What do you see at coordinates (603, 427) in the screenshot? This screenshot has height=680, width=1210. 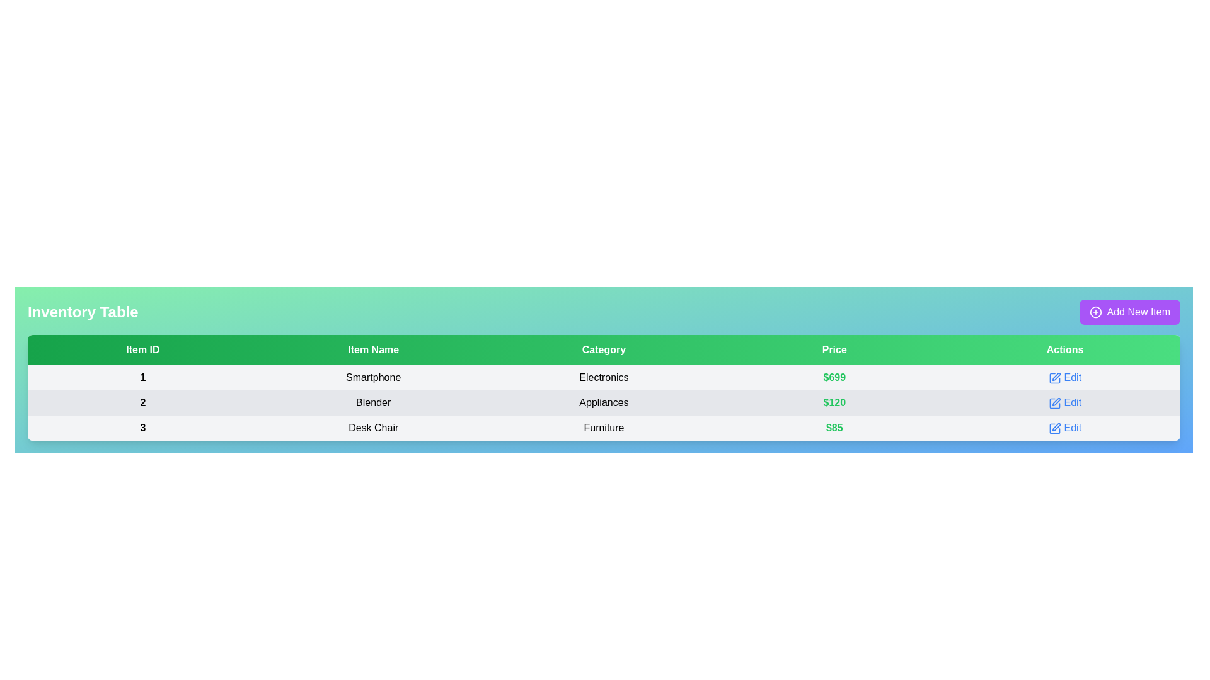 I see `the label indicating the category of the item 'Desk Chair' located in the 'Category' column of the table` at bounding box center [603, 427].